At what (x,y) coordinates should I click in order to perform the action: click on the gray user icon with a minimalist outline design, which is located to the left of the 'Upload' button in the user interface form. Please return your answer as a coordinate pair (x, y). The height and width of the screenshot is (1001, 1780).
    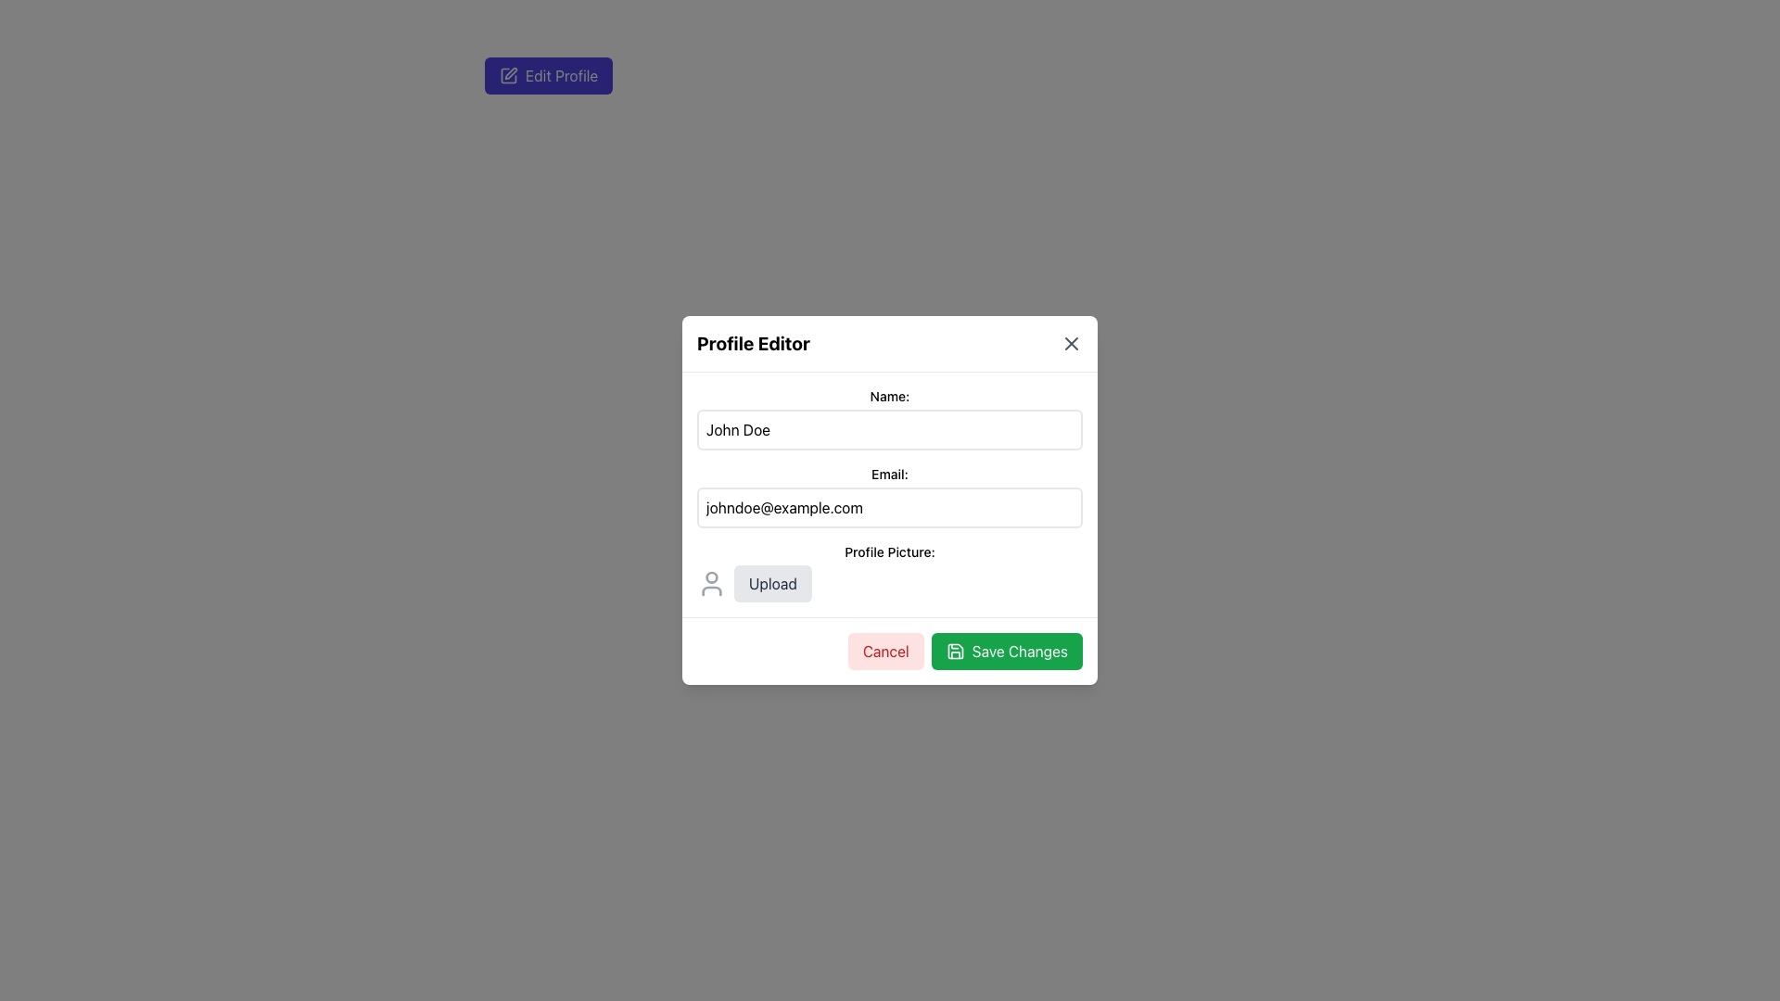
    Looking at the image, I should click on (711, 582).